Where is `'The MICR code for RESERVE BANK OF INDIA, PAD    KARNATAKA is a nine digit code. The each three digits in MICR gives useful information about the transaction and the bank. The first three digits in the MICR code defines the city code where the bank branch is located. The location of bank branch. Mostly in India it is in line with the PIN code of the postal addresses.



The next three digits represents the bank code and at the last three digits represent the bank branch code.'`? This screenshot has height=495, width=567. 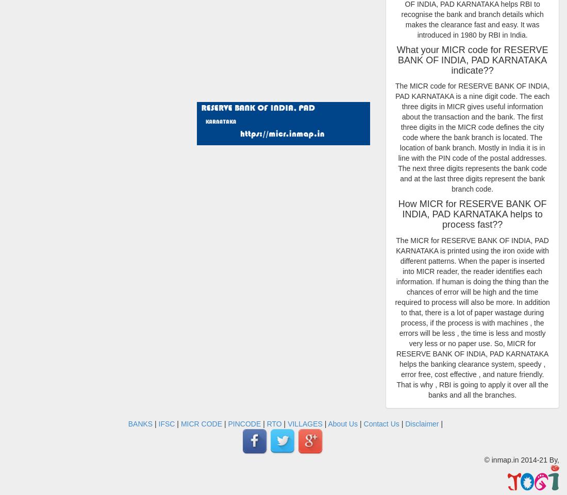 'The MICR code for RESERVE BANK OF INDIA, PAD    KARNATAKA is a nine digit code. The each three digits in MICR gives useful information about the transaction and the bank. The first three digits in the MICR code defines the city code where the bank branch is located. The location of bank branch. Mostly in India it is in line with the PIN code of the postal addresses.



The next three digits represents the bank code and at the last three digits represent the bank branch code.' is located at coordinates (395, 136).